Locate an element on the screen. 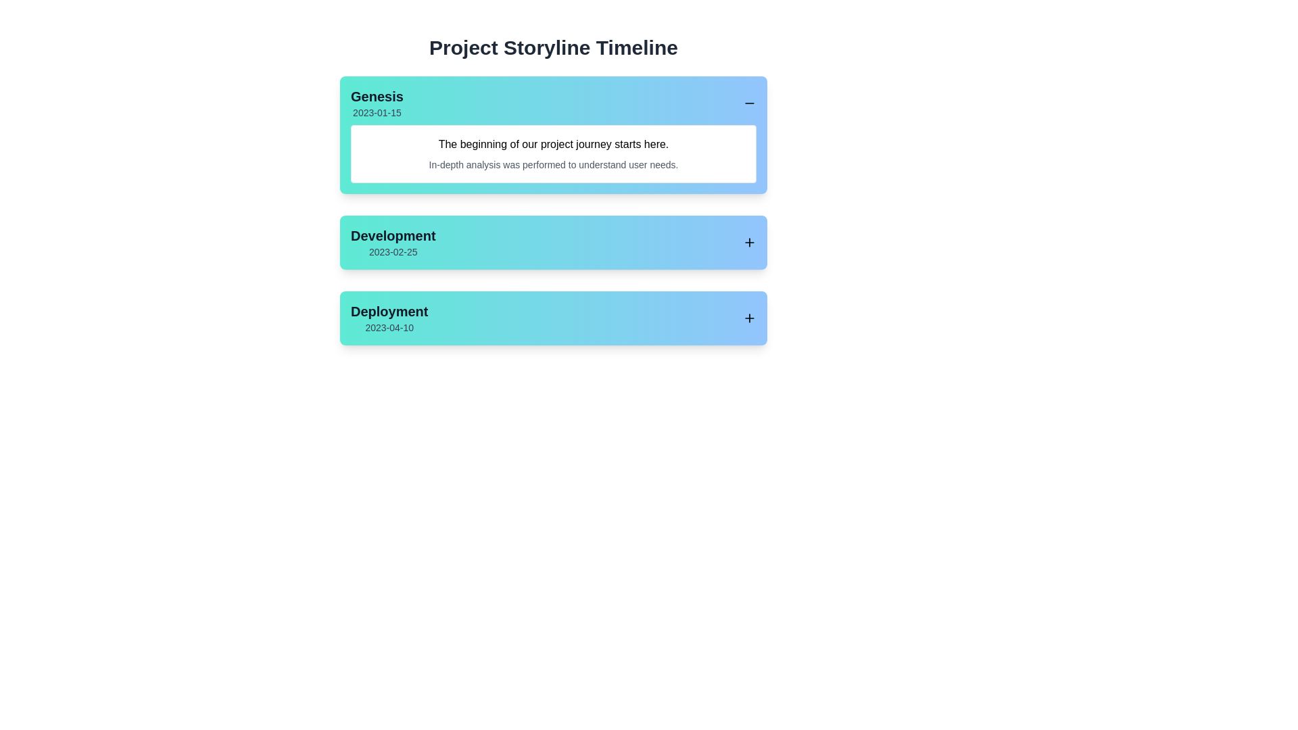  the icon button located at the rightmost part of the 'Development' section to expand or add more information is located at coordinates (748, 241).